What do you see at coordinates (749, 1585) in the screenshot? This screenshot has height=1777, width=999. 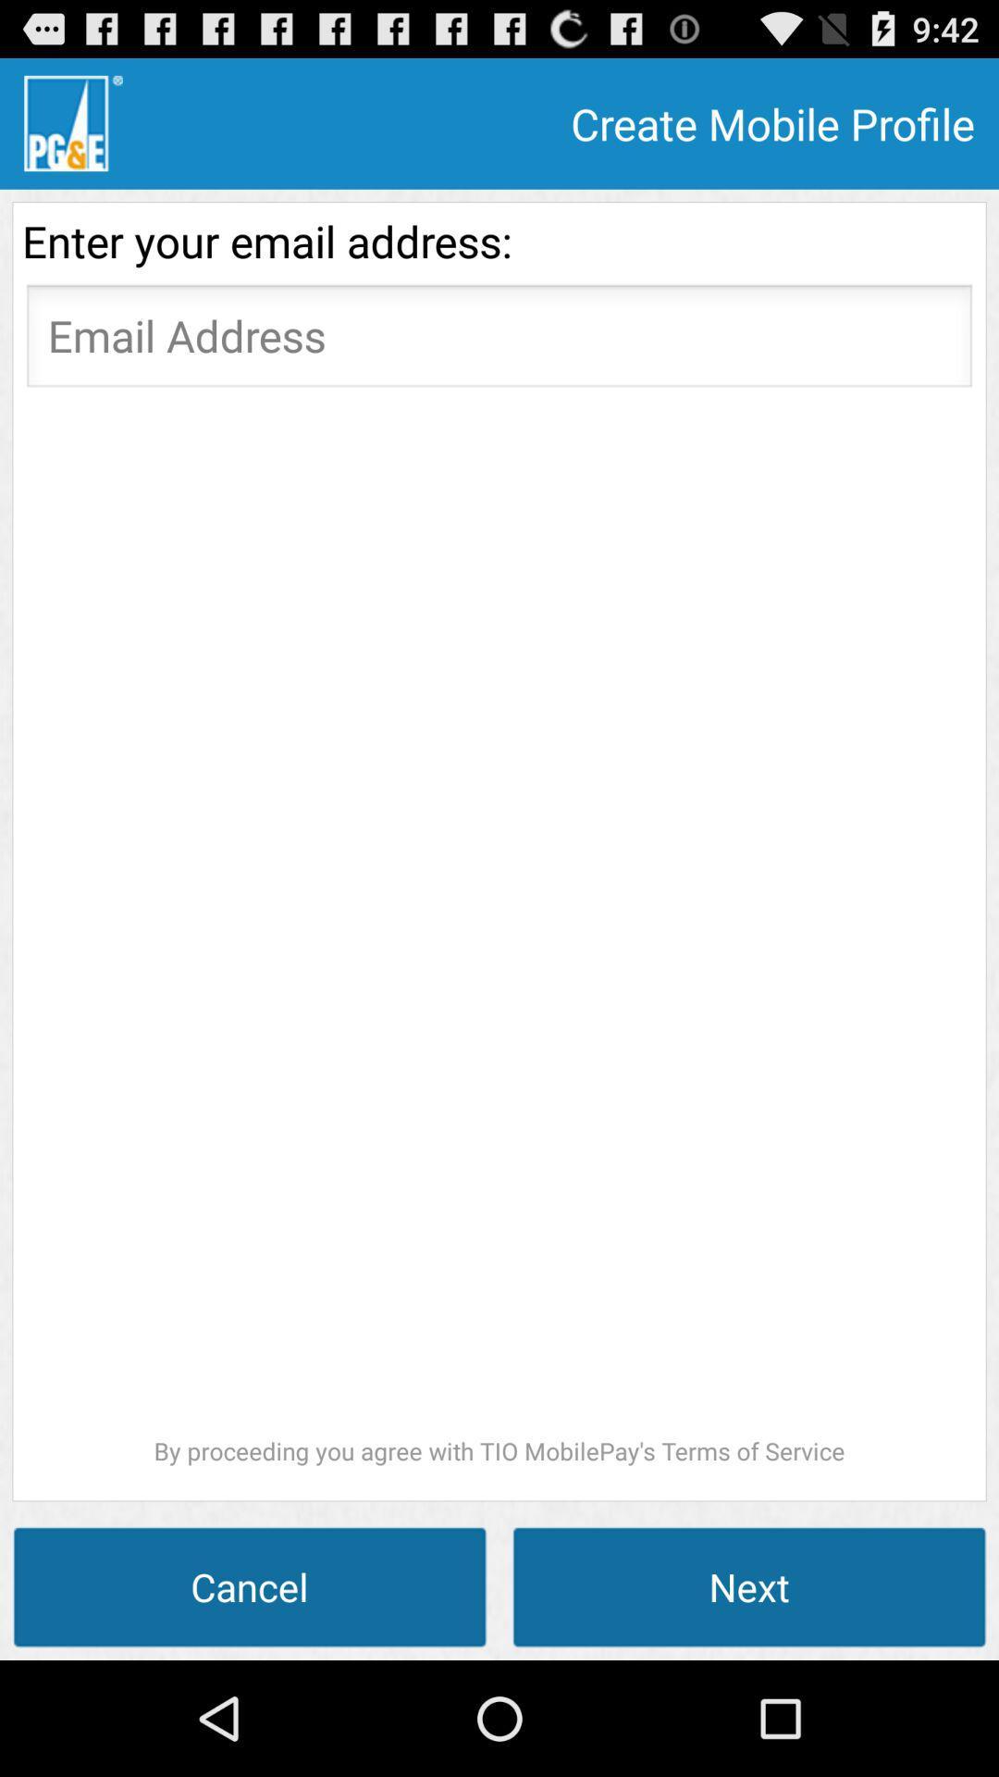 I see `the item below the by proceeding you item` at bounding box center [749, 1585].